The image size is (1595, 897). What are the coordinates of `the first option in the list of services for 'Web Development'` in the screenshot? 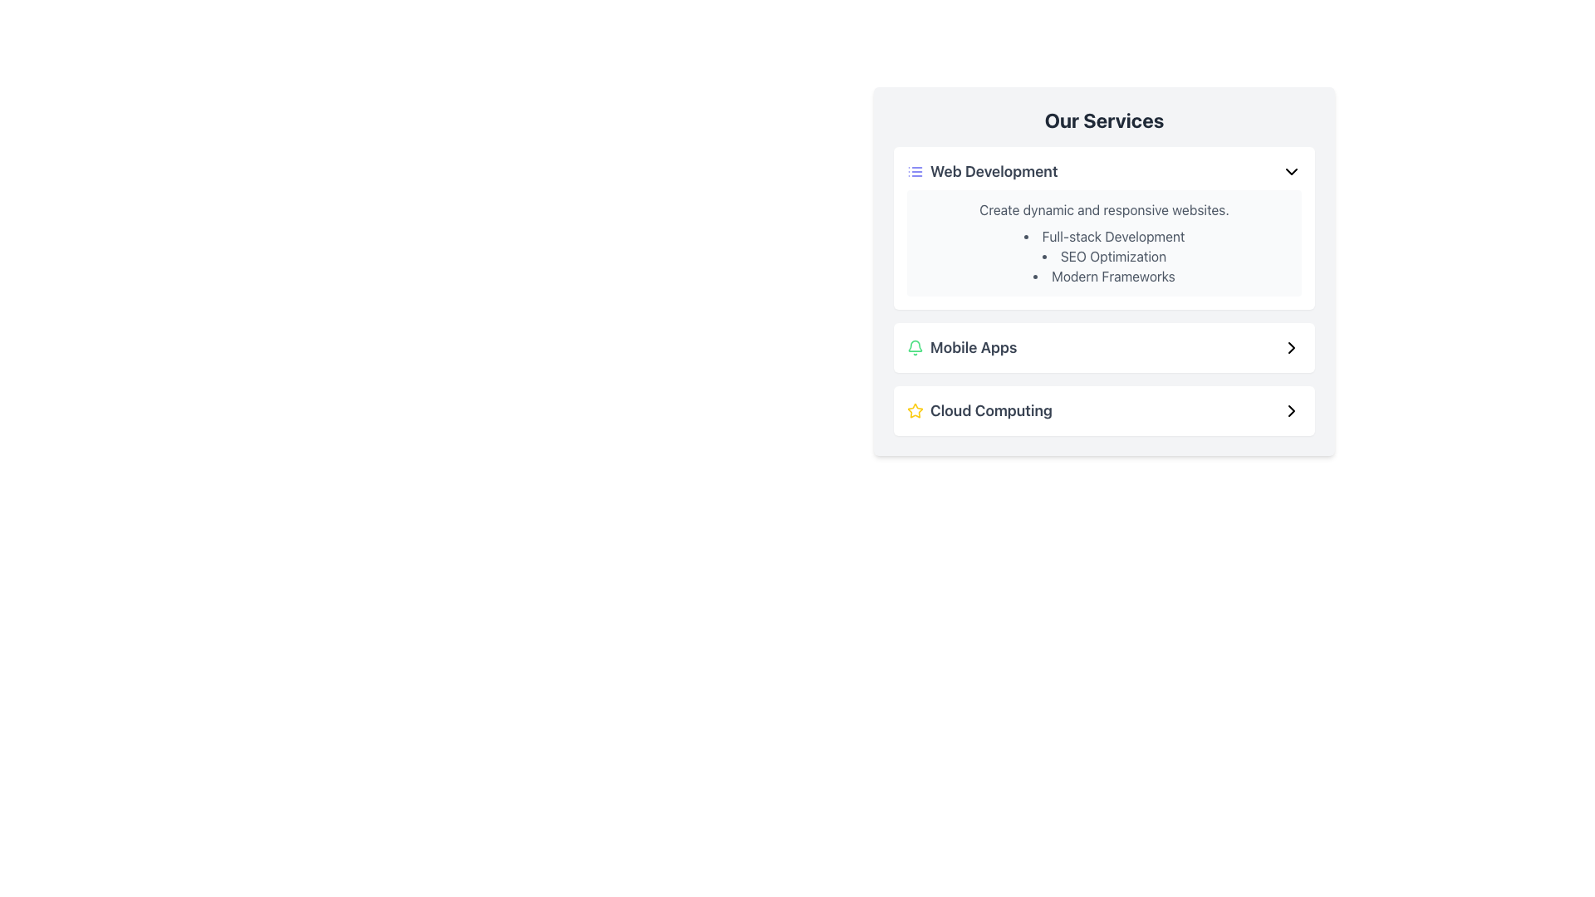 It's located at (1104, 172).